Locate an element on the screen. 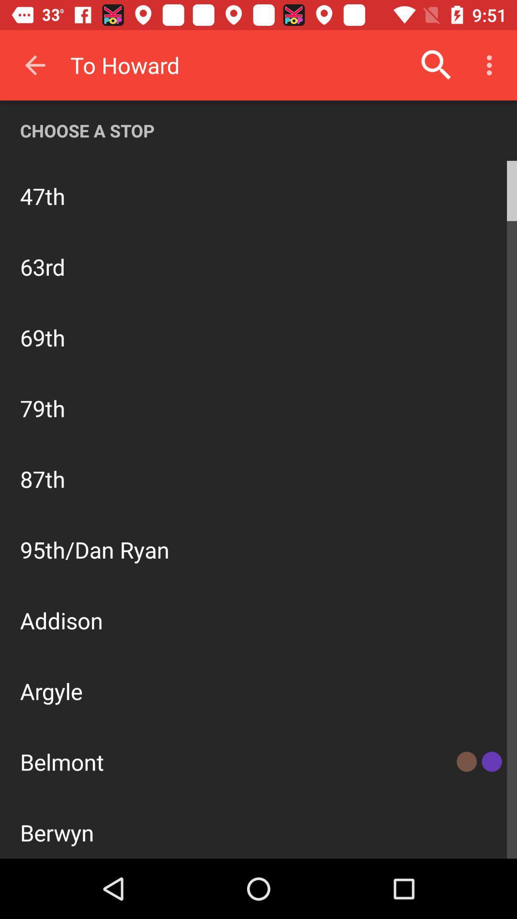 This screenshot has height=919, width=517. option is located at coordinates (258, 516).